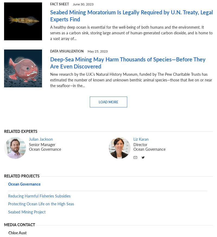  What do you see at coordinates (29, 144) in the screenshot?
I see `'Senior Manager'` at bounding box center [29, 144].